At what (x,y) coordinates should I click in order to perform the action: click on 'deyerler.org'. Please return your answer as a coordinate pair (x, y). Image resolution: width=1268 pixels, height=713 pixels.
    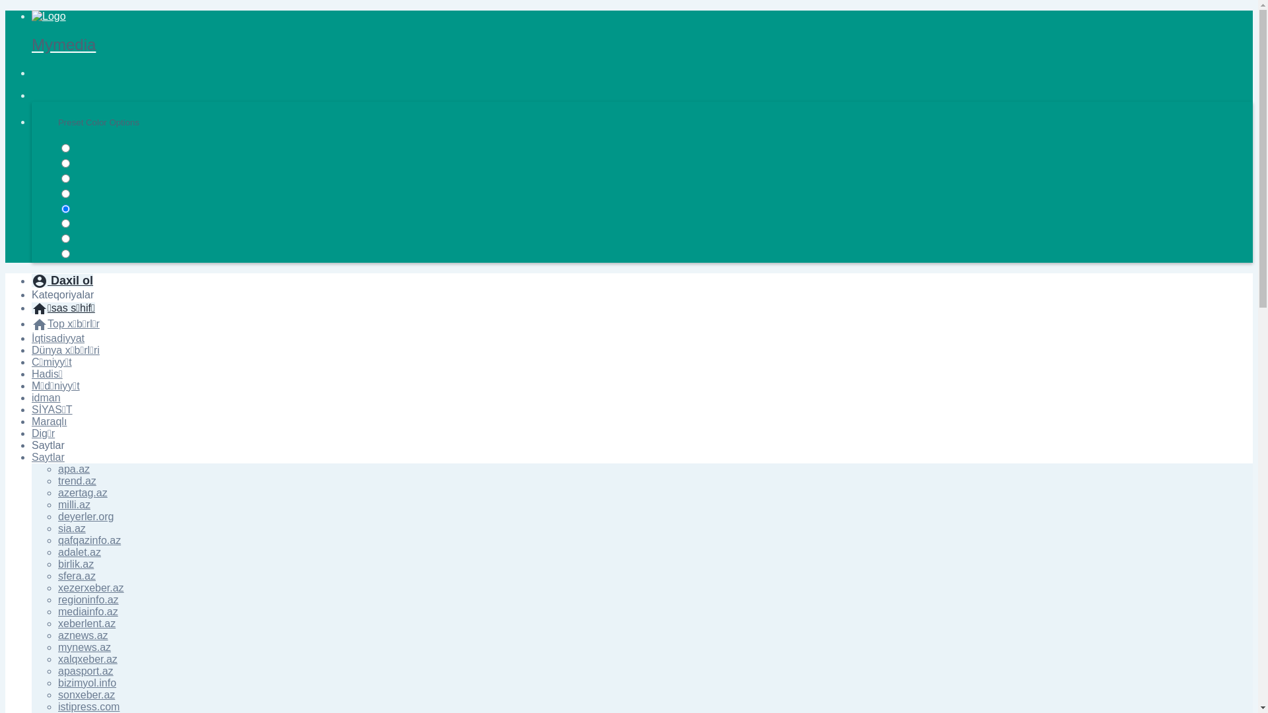
    Looking at the image, I should click on (85, 516).